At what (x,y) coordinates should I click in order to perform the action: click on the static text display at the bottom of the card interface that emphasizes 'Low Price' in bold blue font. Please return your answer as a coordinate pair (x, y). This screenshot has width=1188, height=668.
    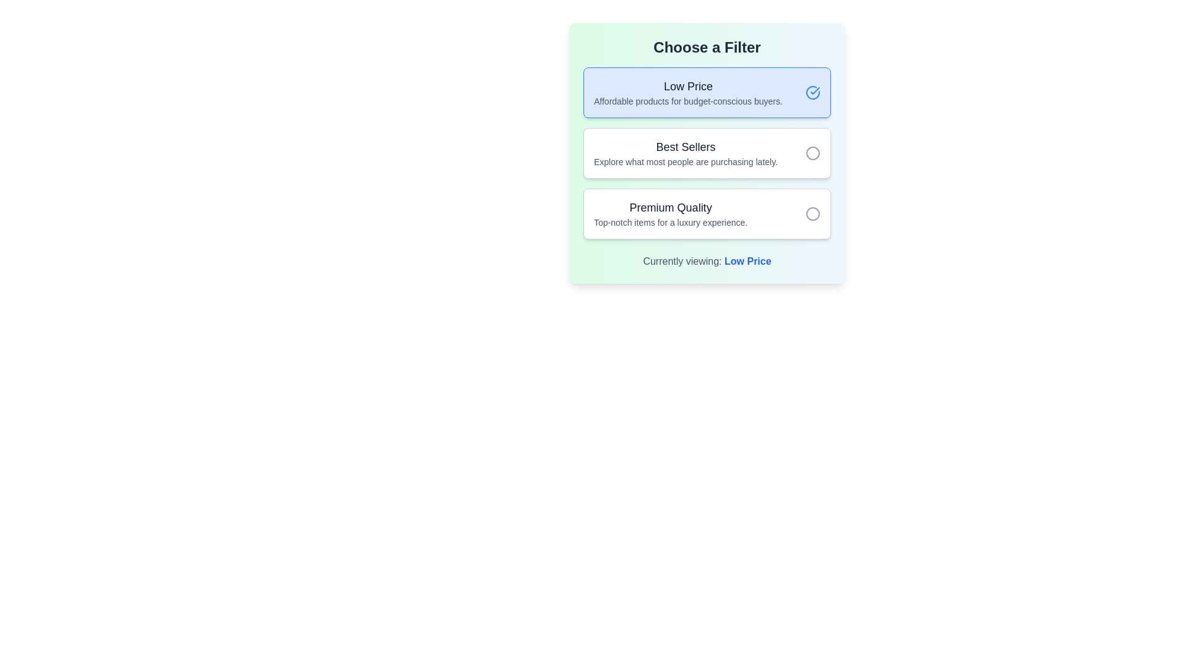
    Looking at the image, I should click on (707, 261).